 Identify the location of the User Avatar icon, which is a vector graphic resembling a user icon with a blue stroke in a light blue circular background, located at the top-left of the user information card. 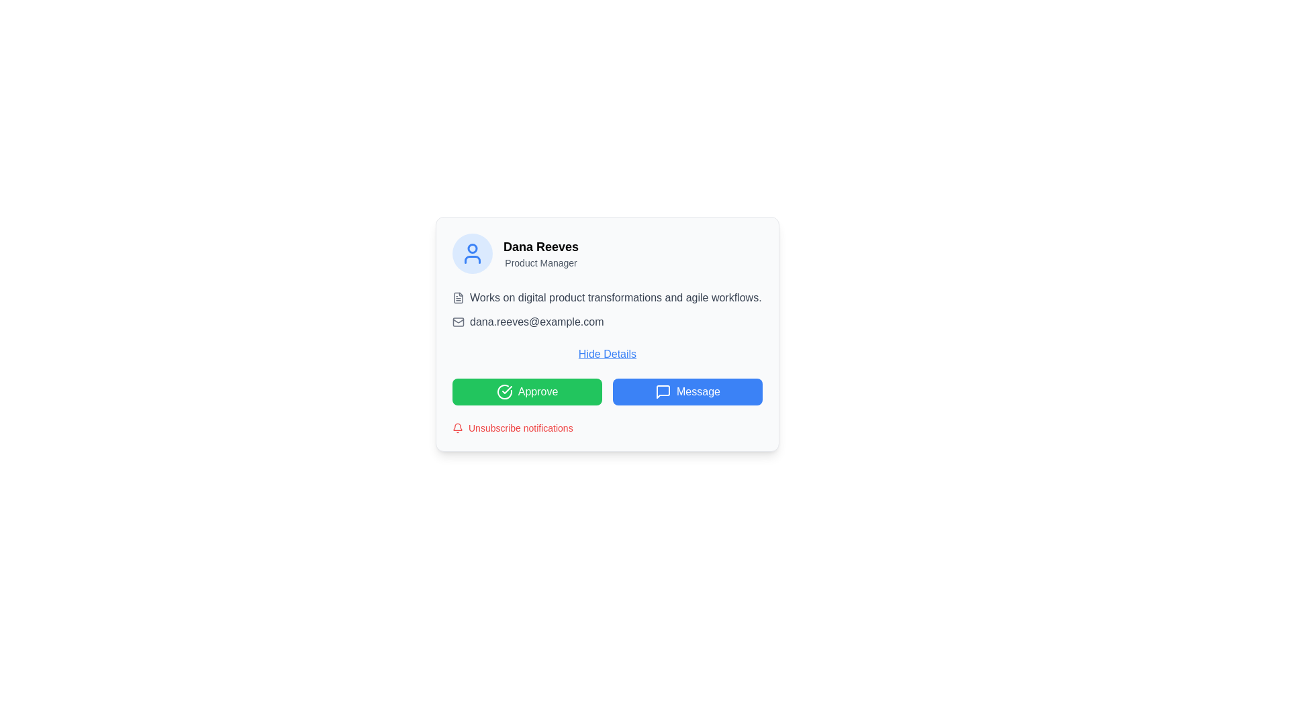
(473, 254).